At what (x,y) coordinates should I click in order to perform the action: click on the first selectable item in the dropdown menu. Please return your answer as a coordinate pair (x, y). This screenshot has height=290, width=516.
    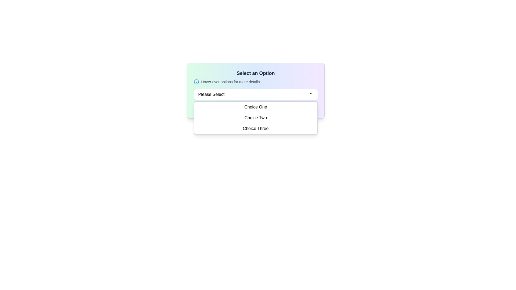
    Looking at the image, I should click on (255, 107).